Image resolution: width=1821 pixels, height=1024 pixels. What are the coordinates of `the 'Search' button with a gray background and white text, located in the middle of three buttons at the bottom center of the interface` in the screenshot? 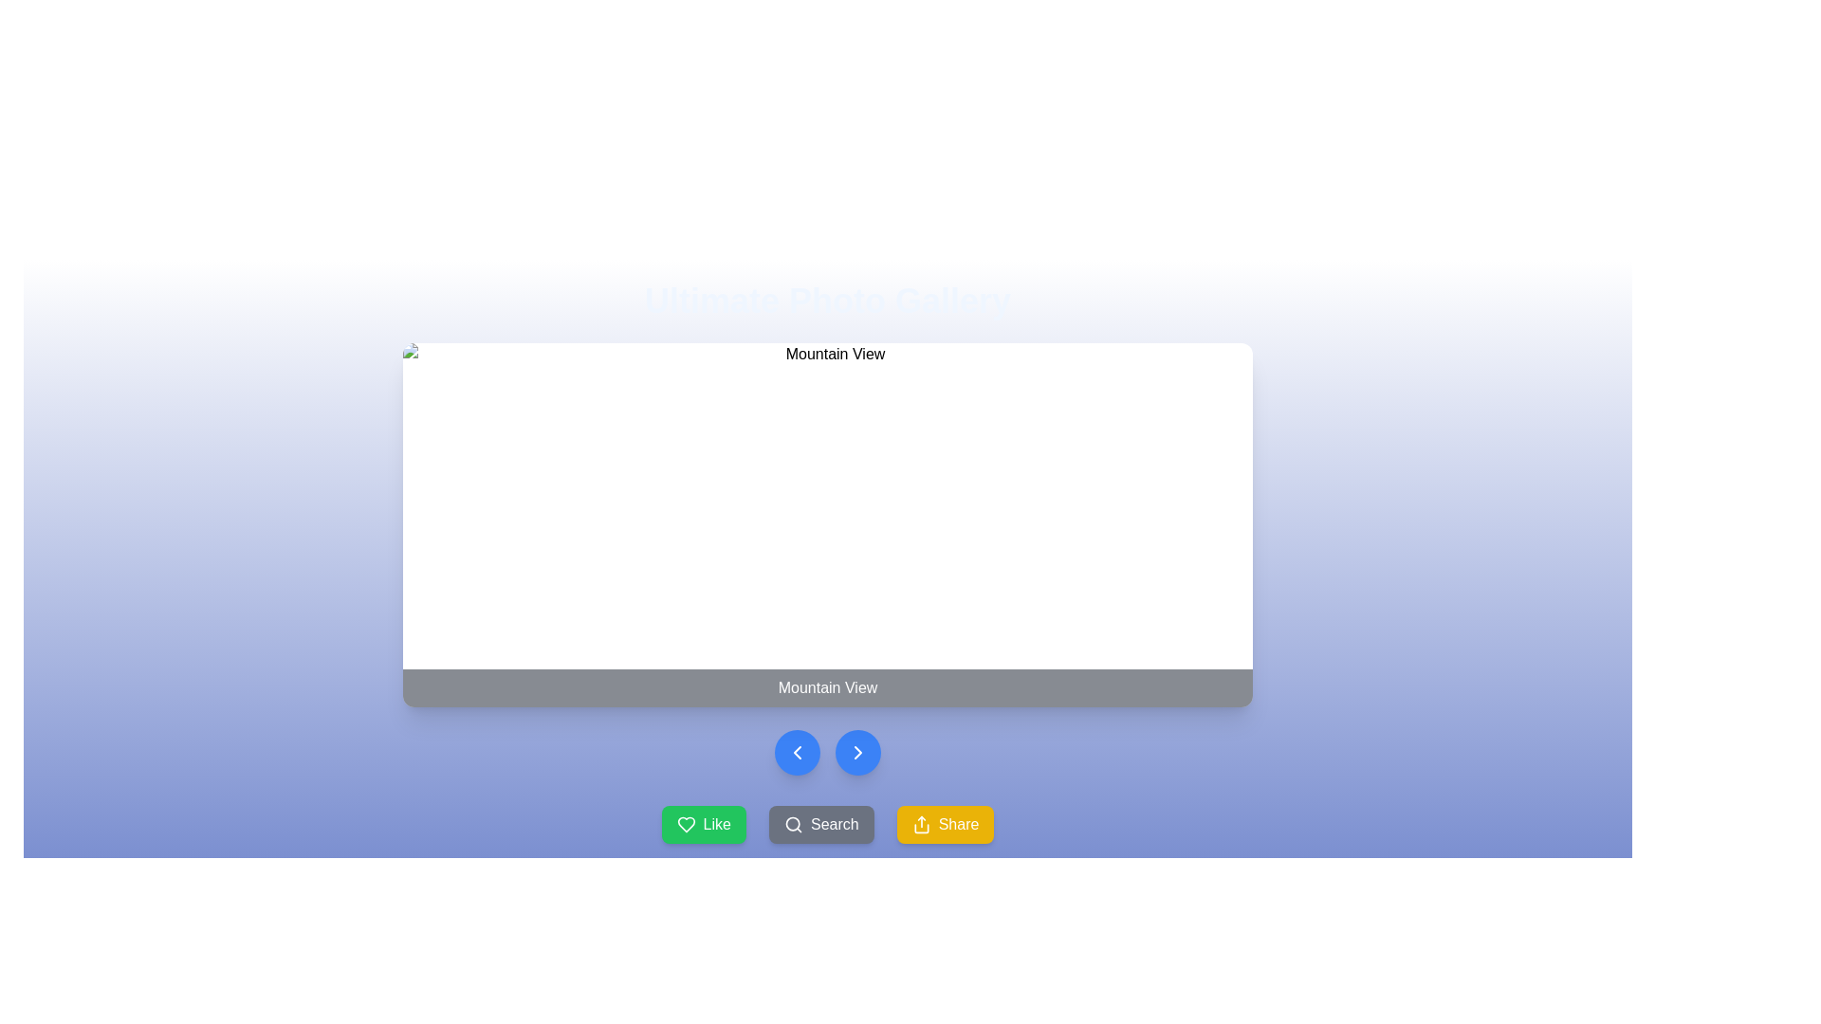 It's located at (820, 824).